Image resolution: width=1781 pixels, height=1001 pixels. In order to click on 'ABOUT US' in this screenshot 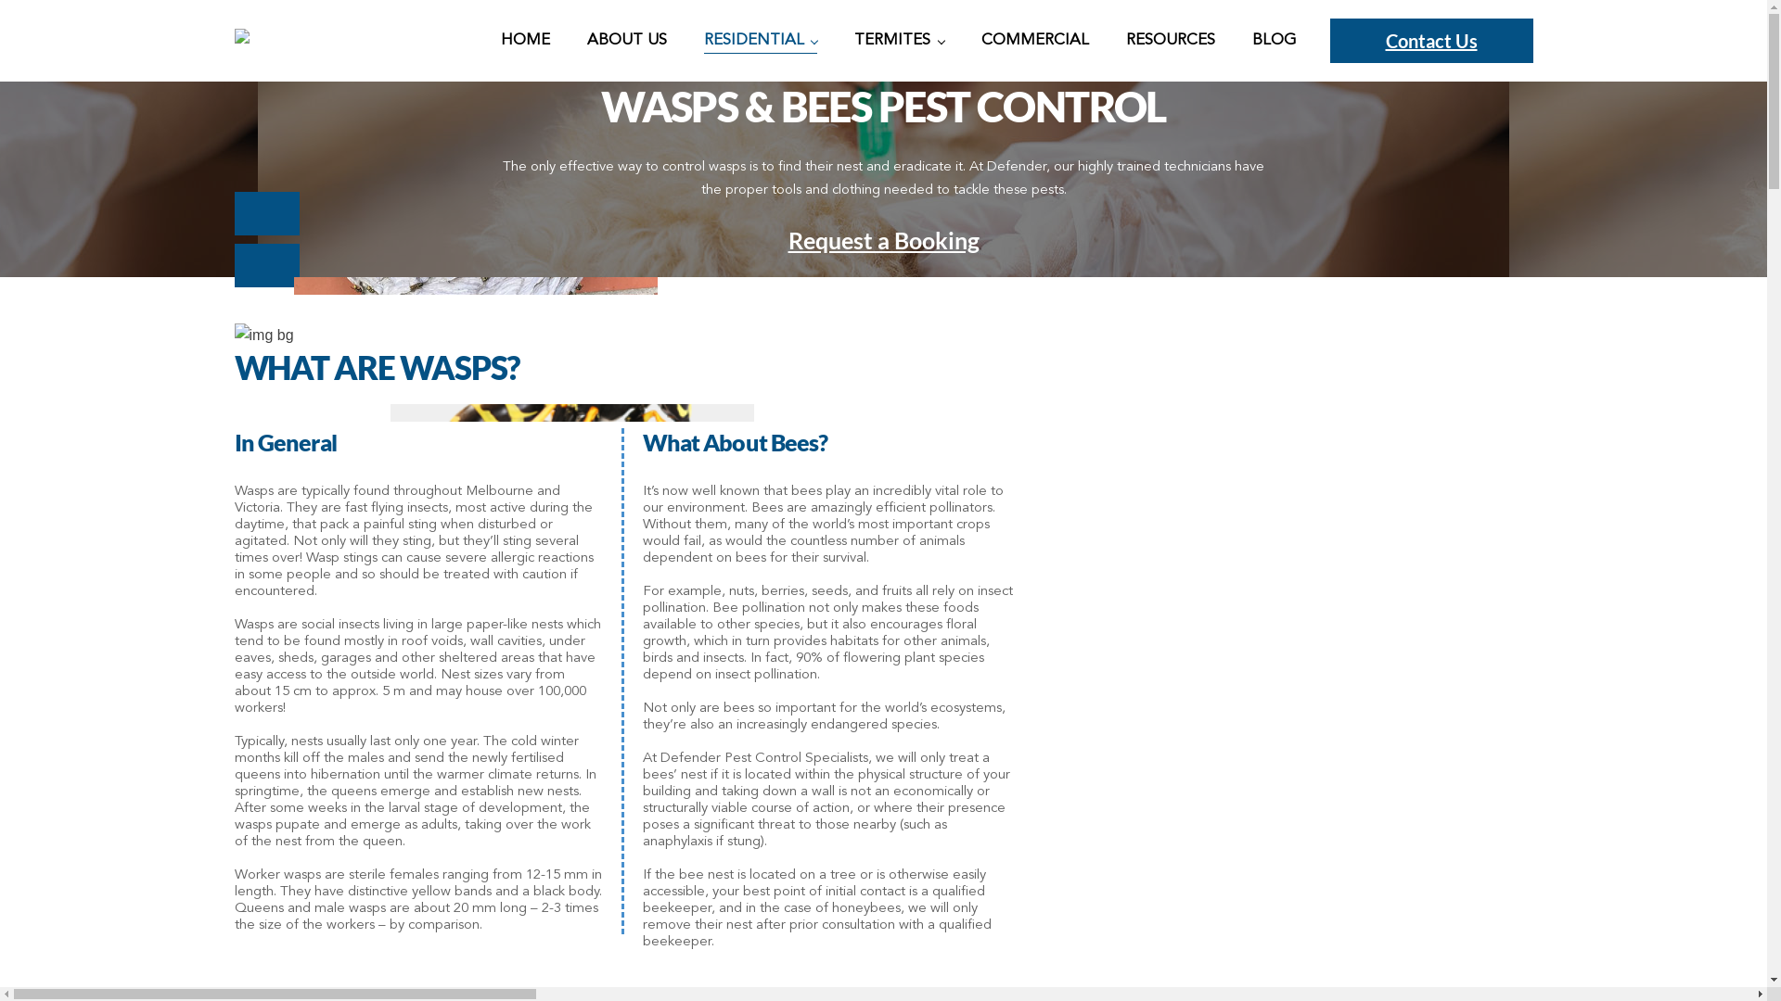, I will do `click(627, 40)`.